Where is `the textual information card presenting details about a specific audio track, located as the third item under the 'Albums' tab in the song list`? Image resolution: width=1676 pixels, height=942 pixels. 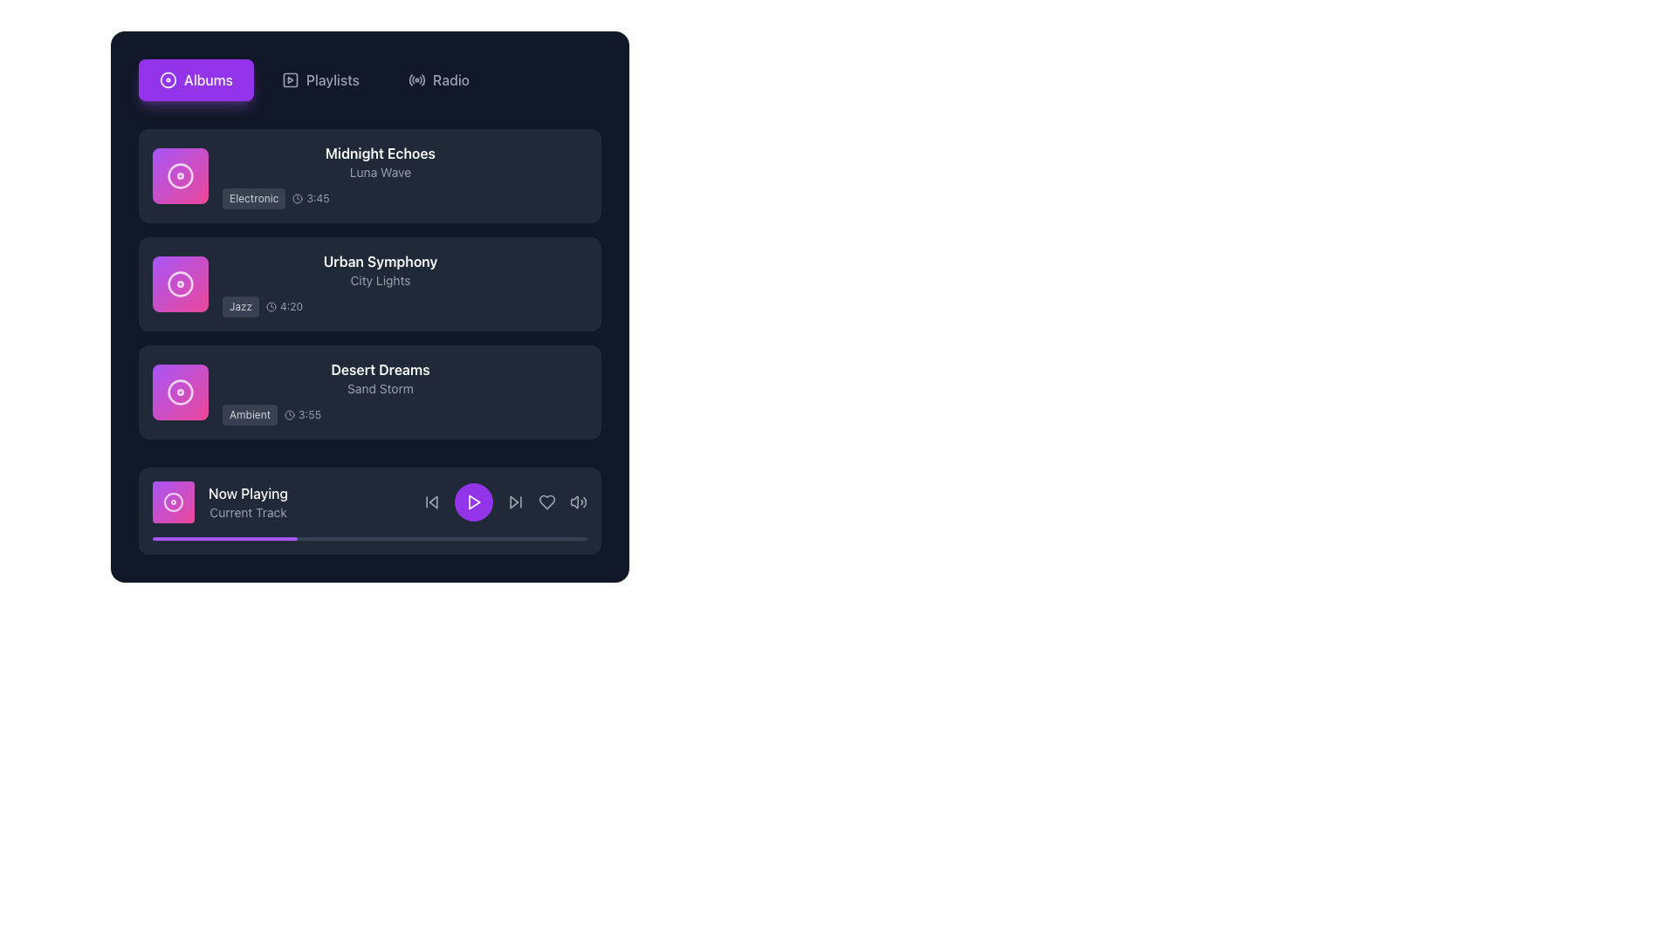 the textual information card presenting details about a specific audio track, located as the third item under the 'Albums' tab in the song list is located at coordinates (380, 392).